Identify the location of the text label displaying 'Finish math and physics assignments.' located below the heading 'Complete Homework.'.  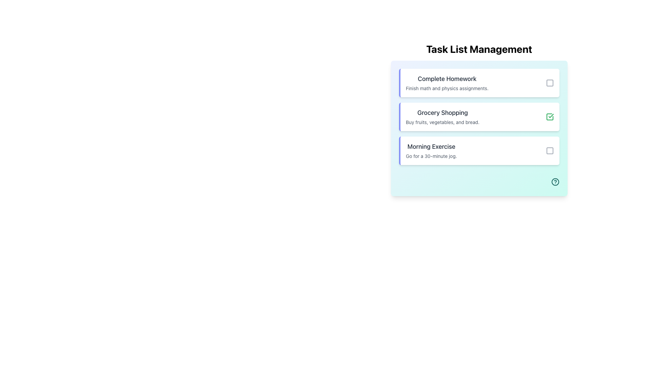
(447, 88).